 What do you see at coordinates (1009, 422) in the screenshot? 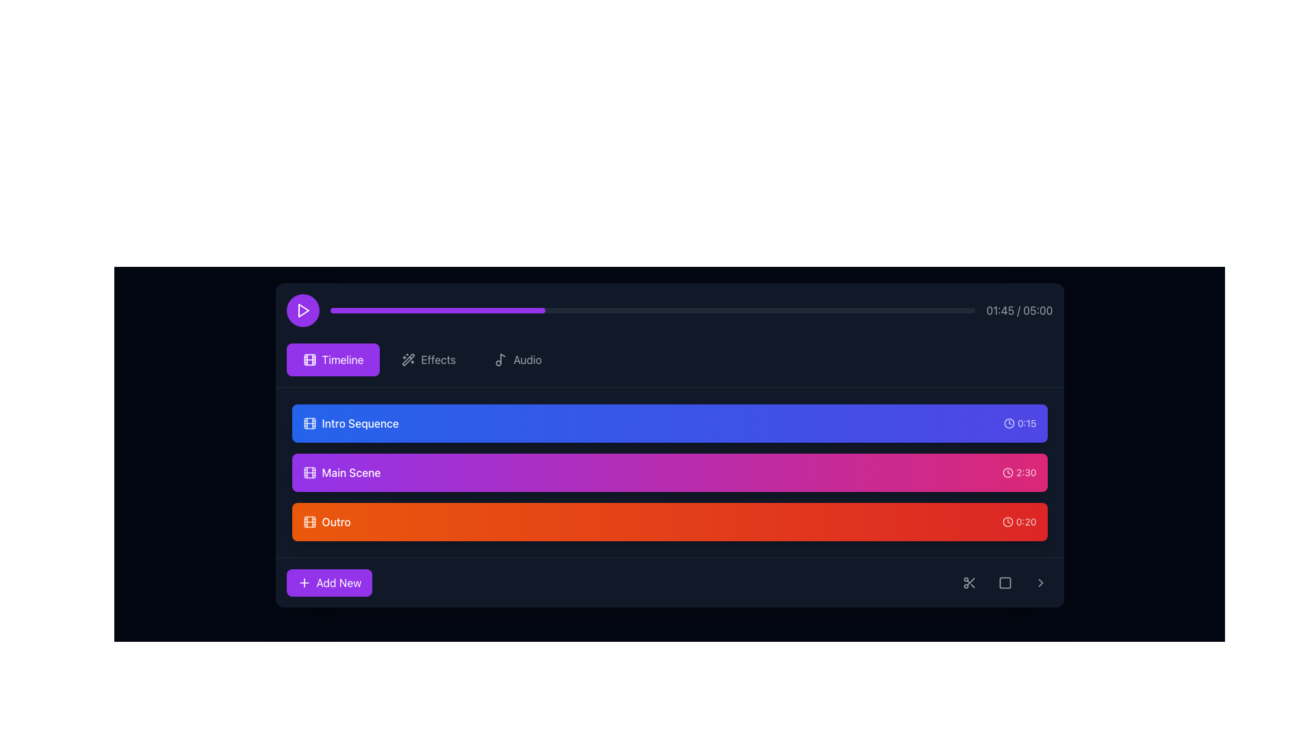
I see `the time-related icon located to the left of the text '0:15', associated with the 'Intro Sequence' item in the list` at bounding box center [1009, 422].